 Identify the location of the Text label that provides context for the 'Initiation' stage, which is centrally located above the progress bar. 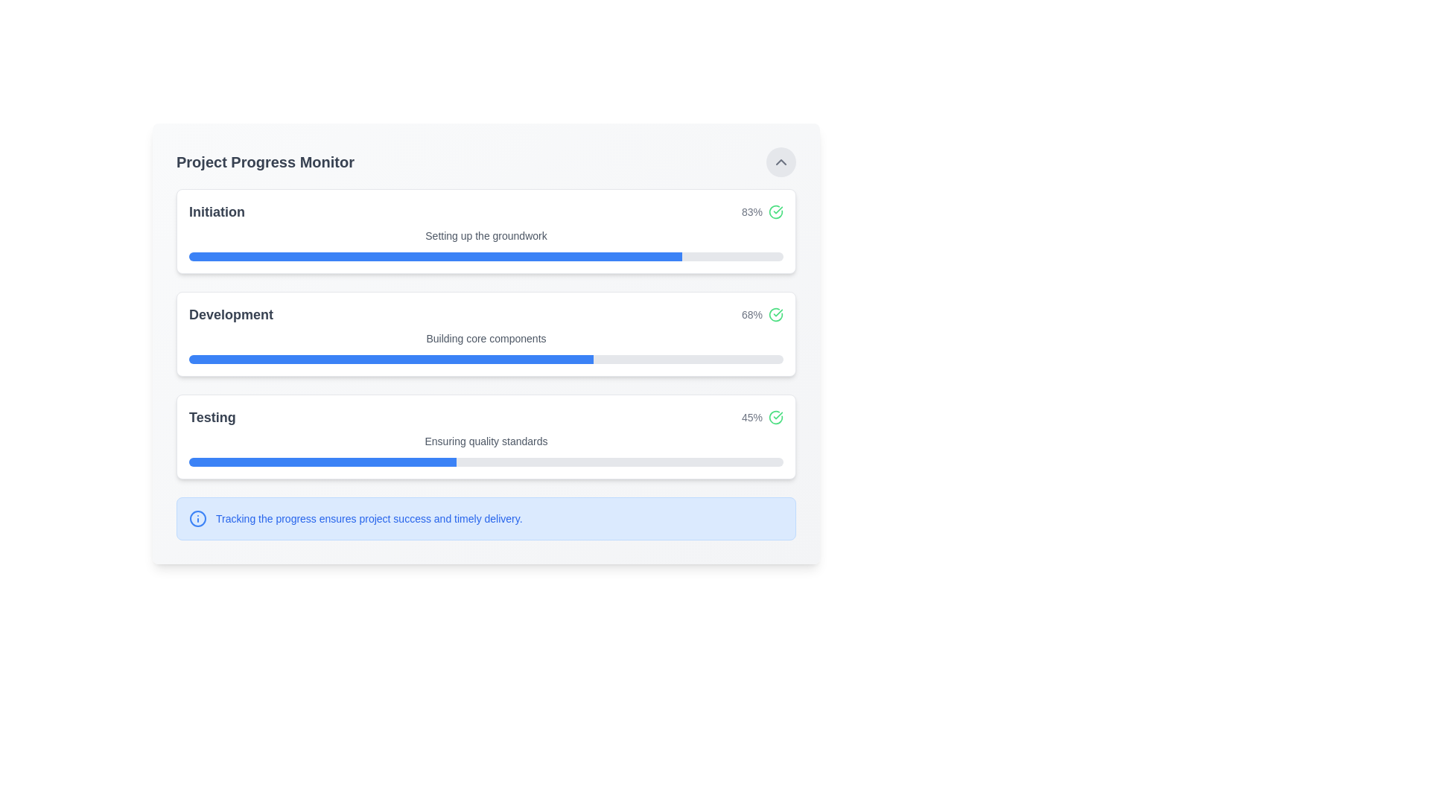
(486, 234).